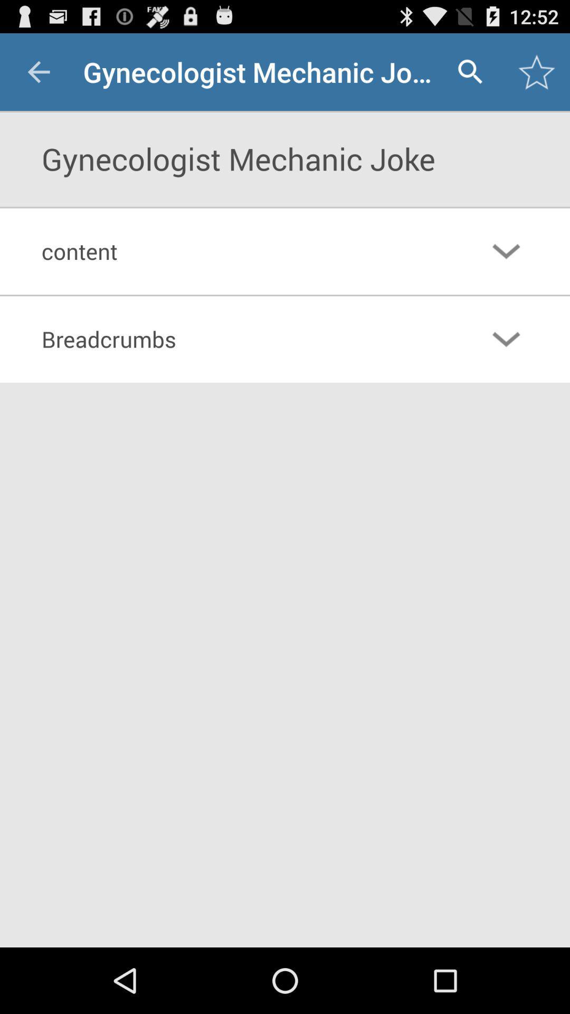 This screenshot has width=570, height=1014. Describe the element at coordinates (470, 71) in the screenshot. I see `the app to the right of gynecologist mechanic joke icon` at that location.